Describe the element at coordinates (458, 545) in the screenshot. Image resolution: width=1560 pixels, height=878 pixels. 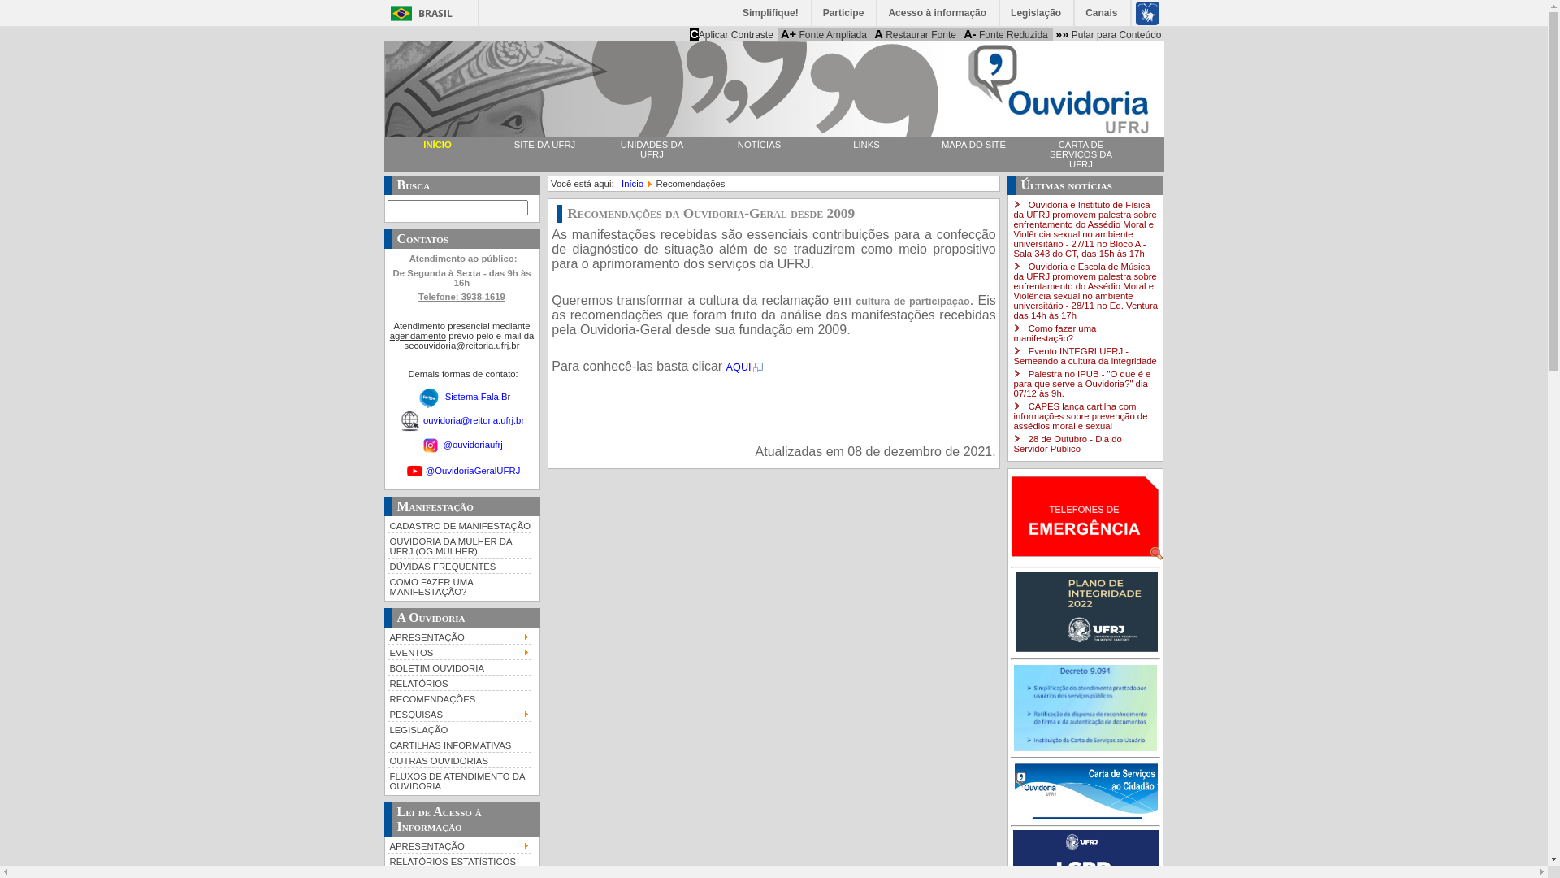
I see `'OUVIDORIA DA MULHER DA UFRJ (OG MULHER)'` at that location.